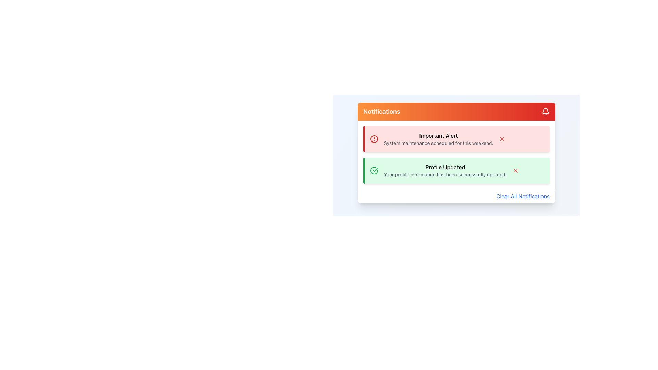 This screenshot has height=370, width=658. What do you see at coordinates (445, 170) in the screenshot?
I see `the notification message that informs the user about the successful update of their profile information, located below the 'Important Alert' in the vertical notification panel` at bounding box center [445, 170].